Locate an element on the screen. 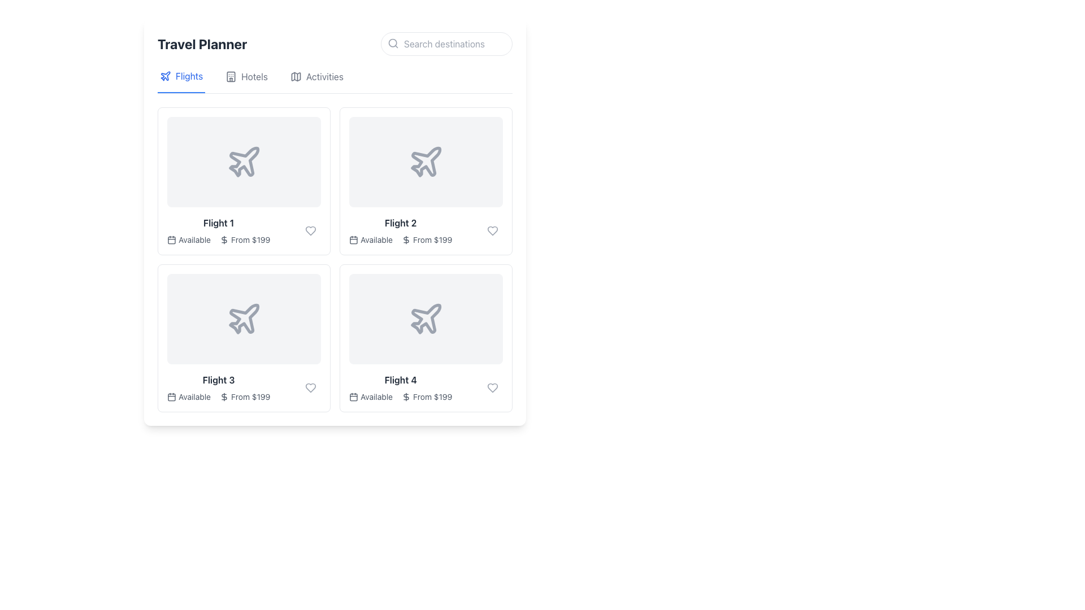 Image resolution: width=1085 pixels, height=610 pixels. the calendar icon located in the second flight's information section, adjacent to the 'Available' label is located at coordinates (353, 239).